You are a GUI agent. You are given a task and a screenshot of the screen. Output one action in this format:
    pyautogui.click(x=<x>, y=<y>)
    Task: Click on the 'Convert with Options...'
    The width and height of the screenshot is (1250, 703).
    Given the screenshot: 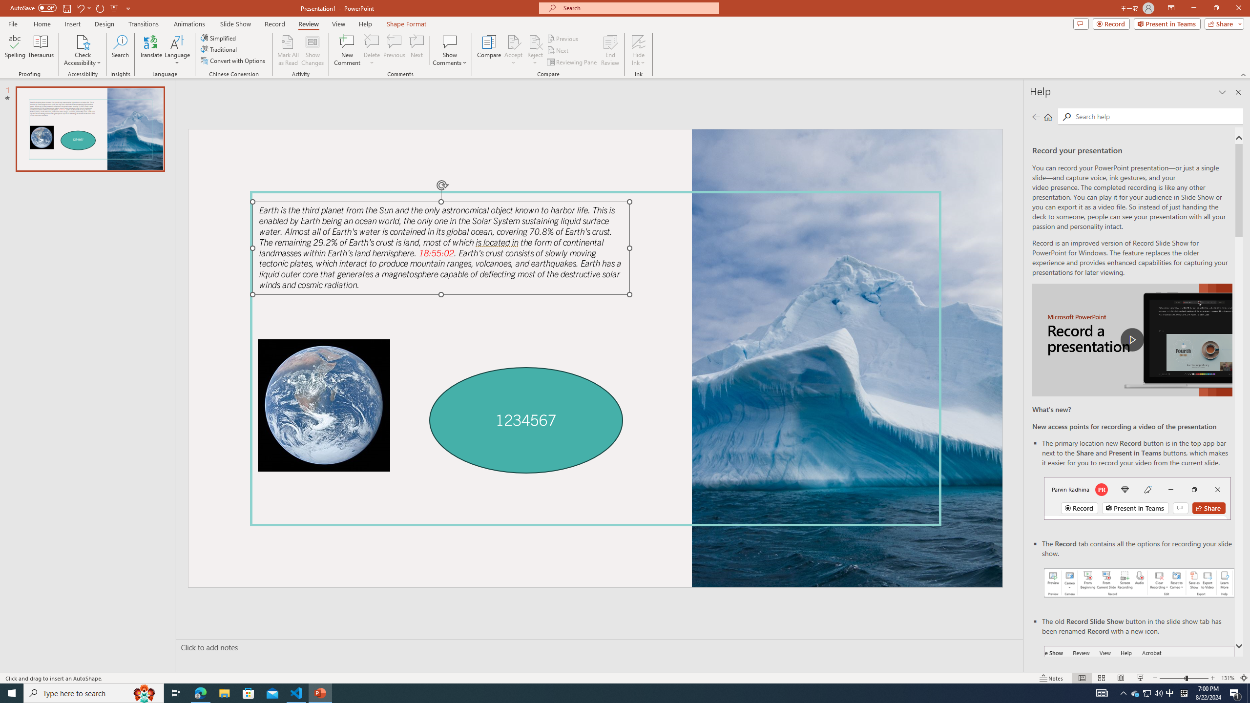 What is the action you would take?
    pyautogui.click(x=233, y=60)
    